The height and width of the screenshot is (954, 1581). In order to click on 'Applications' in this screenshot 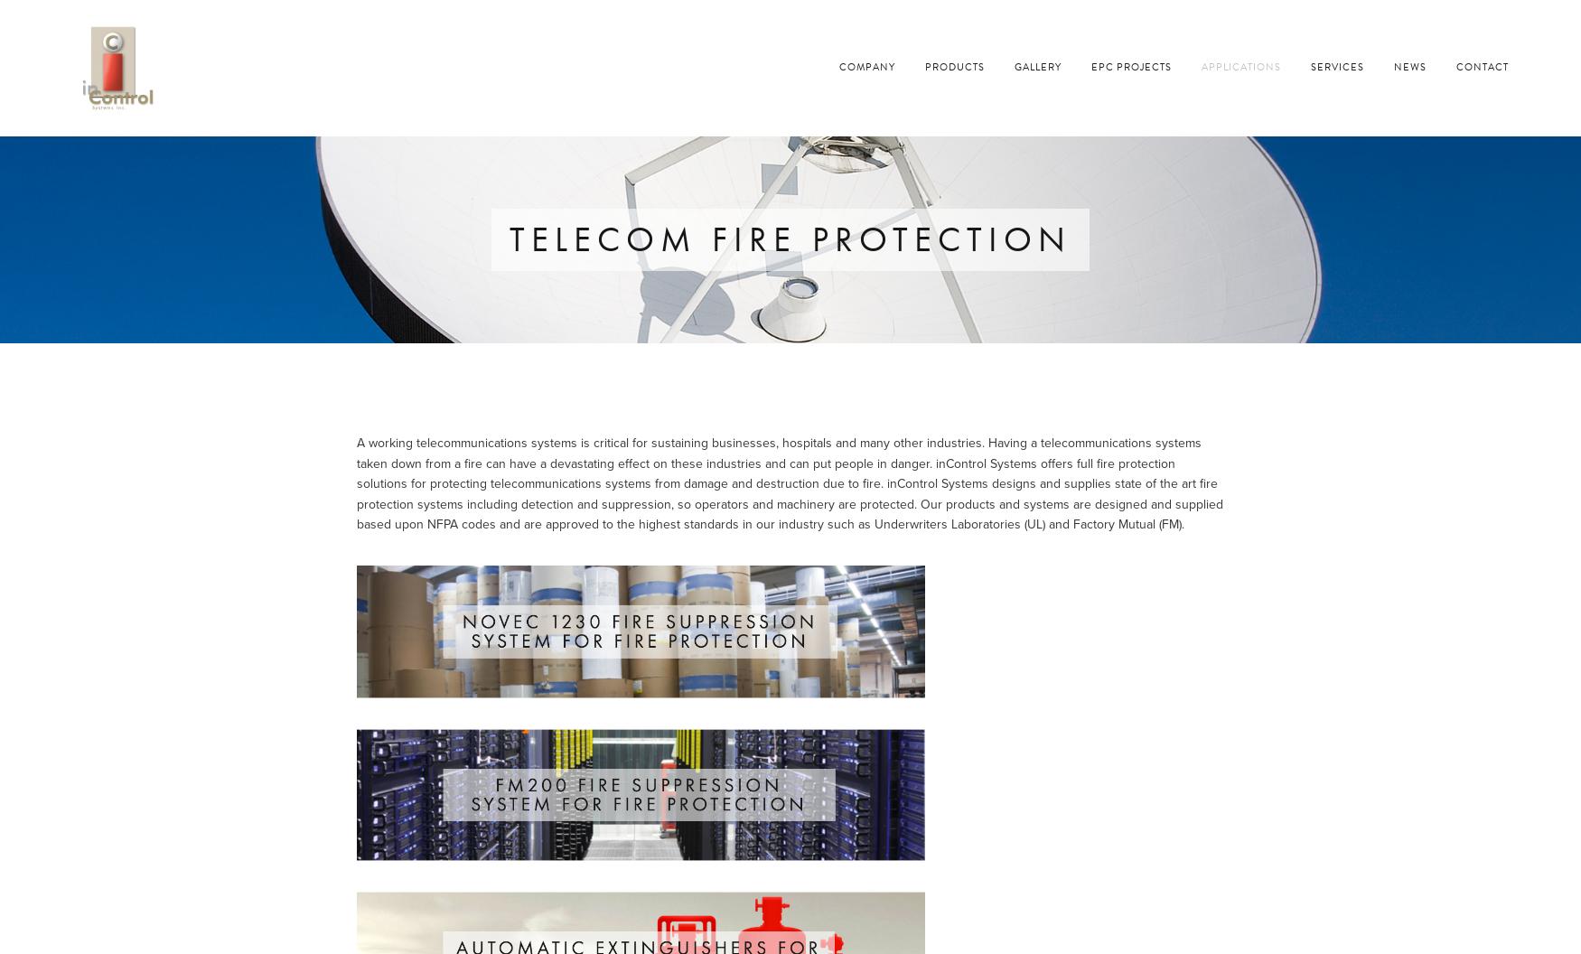, I will do `click(1240, 66)`.